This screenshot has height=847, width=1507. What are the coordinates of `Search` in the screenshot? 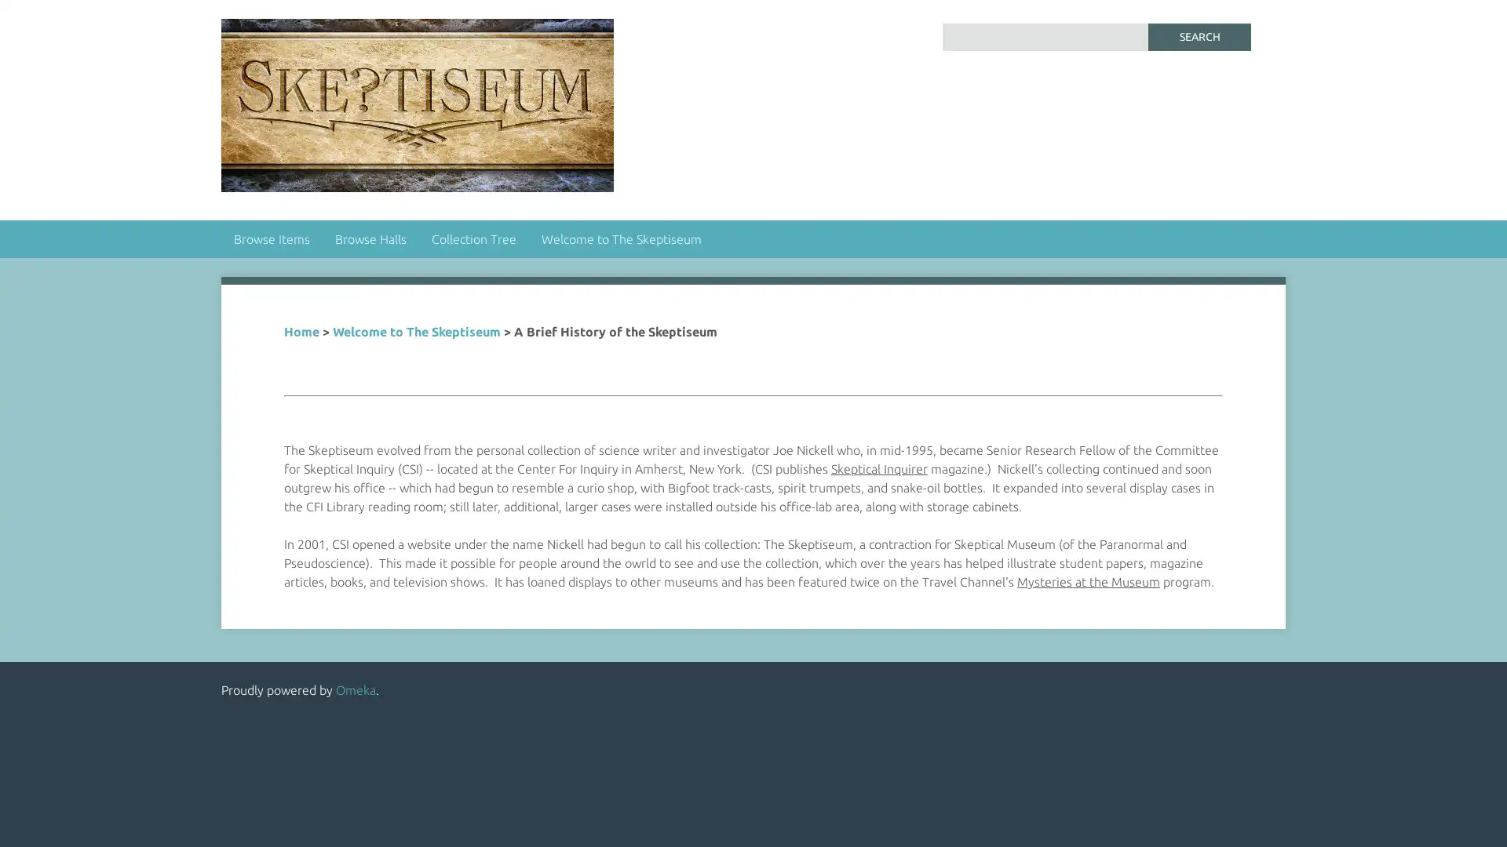 It's located at (1198, 36).